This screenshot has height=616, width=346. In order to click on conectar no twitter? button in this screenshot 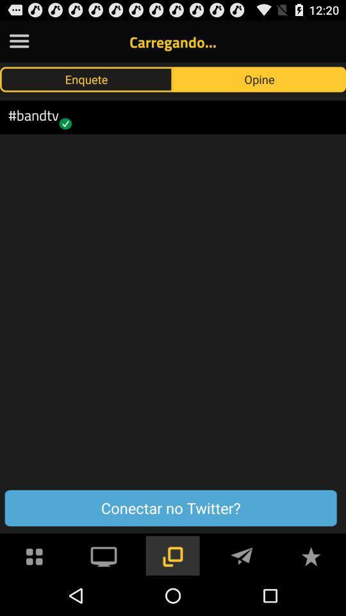, I will do `click(170, 508)`.